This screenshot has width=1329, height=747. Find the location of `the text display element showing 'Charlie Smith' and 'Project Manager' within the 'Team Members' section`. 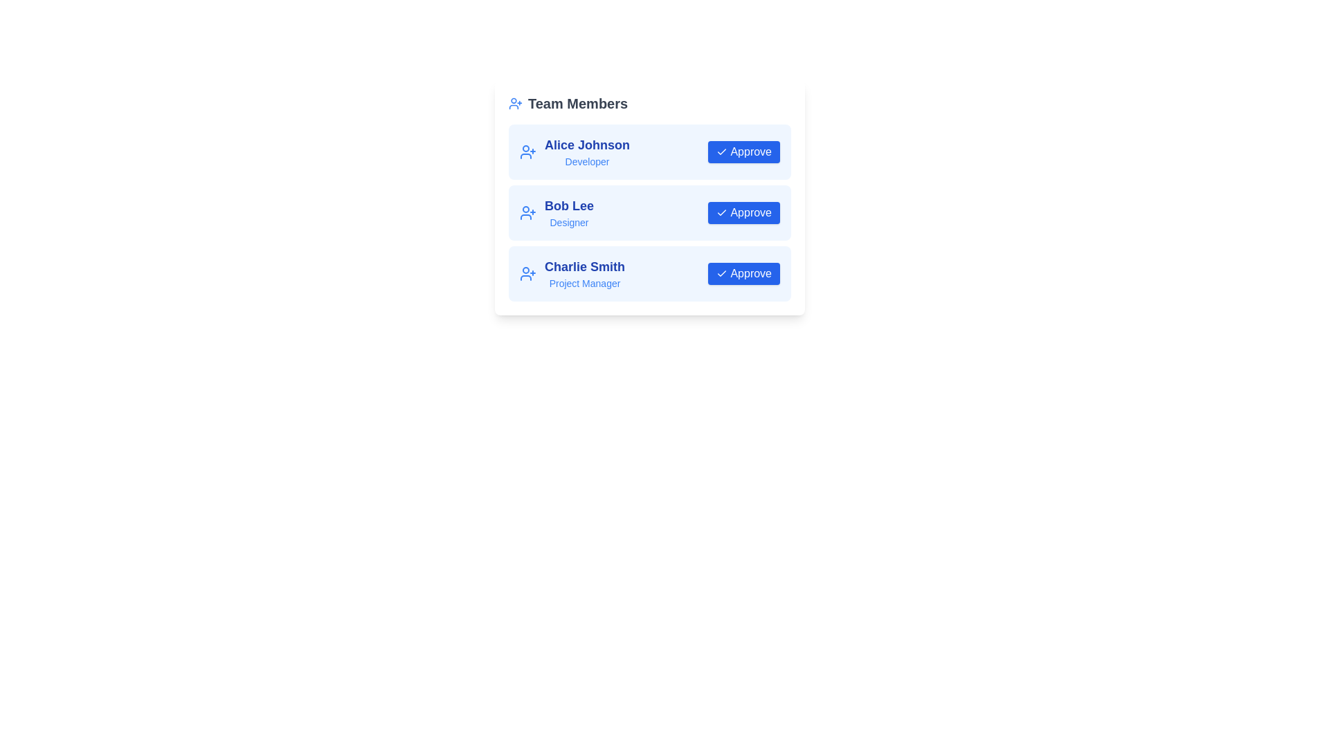

the text display element showing 'Charlie Smith' and 'Project Manager' within the 'Team Members' section is located at coordinates (584, 274).